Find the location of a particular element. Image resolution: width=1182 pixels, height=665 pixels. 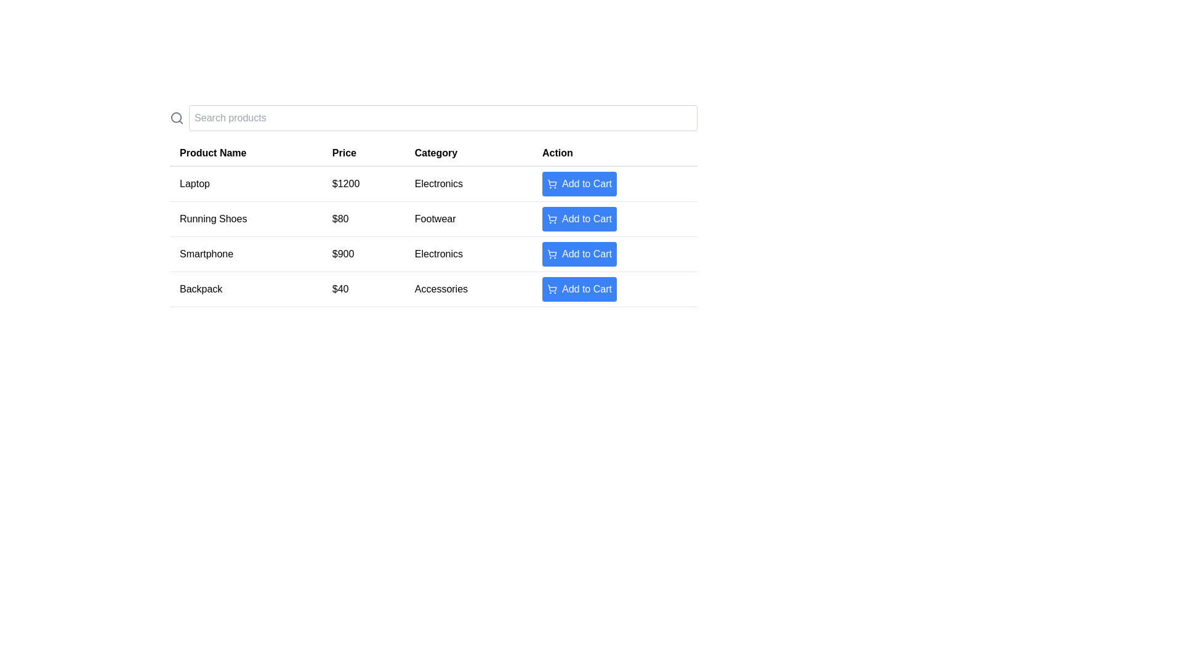

the text label identifying the product 'Running Shoes' located in the first cell of the second row under the 'Product Name' column is located at coordinates (246, 218).